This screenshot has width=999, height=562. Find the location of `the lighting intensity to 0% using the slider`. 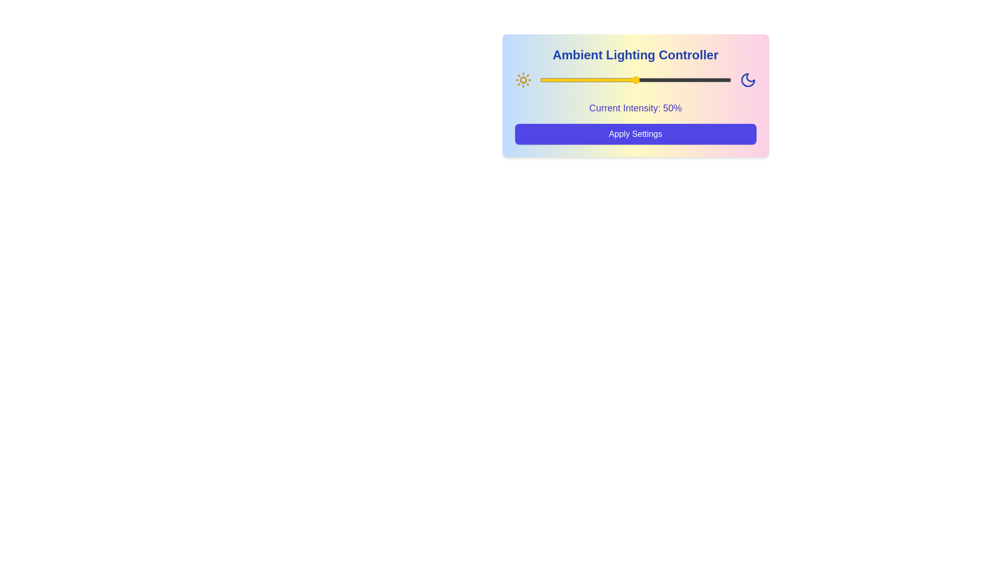

the lighting intensity to 0% using the slider is located at coordinates (540, 80).